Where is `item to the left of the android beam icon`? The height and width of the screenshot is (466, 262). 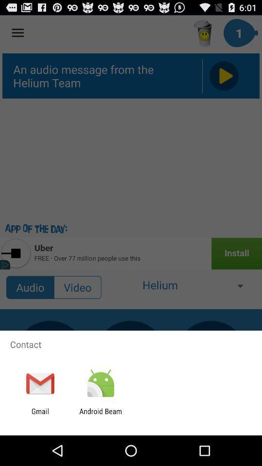
item to the left of the android beam icon is located at coordinates (40, 415).